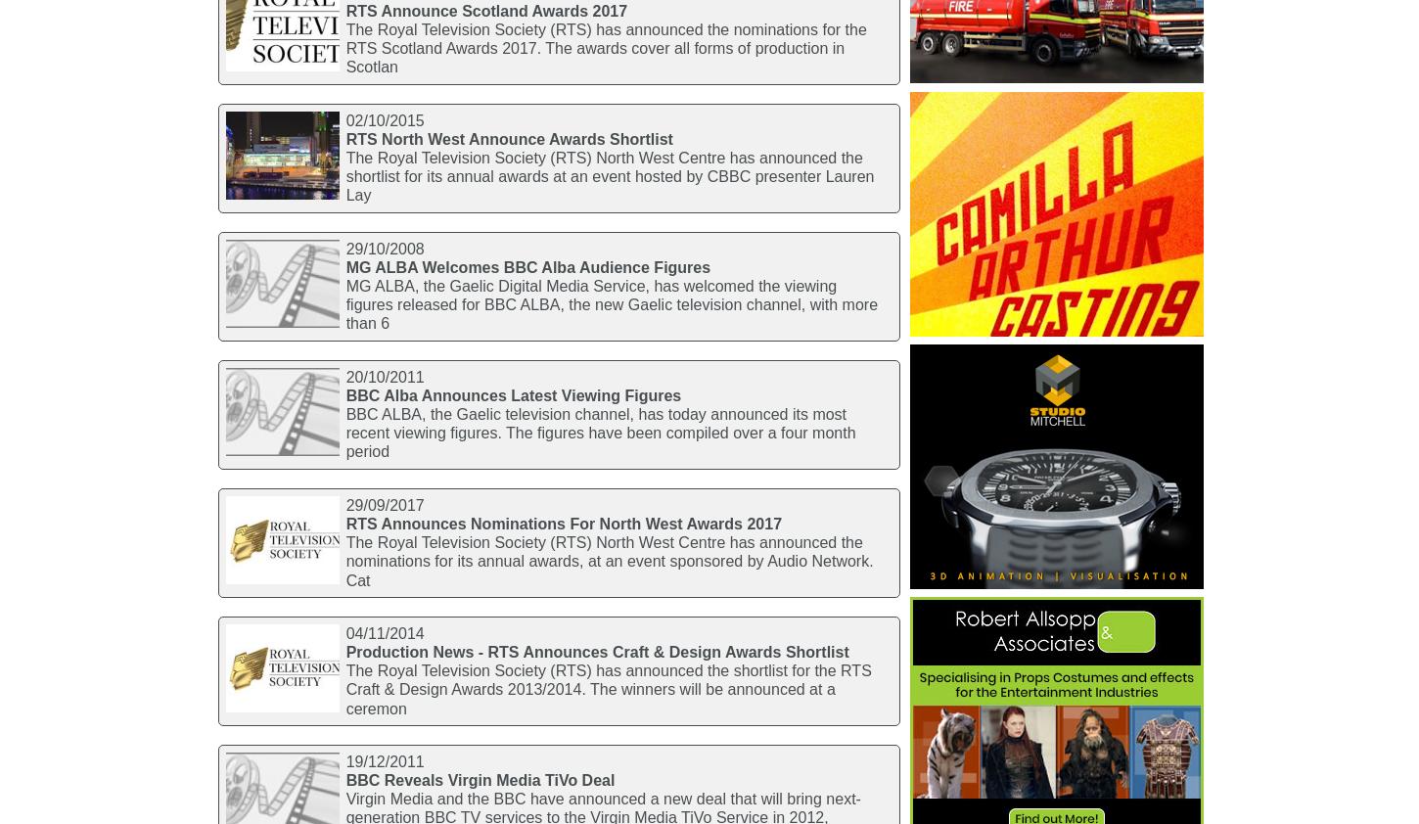 This screenshot has width=1419, height=824. Describe the element at coordinates (344, 376) in the screenshot. I see `'20/10/2011'` at that location.